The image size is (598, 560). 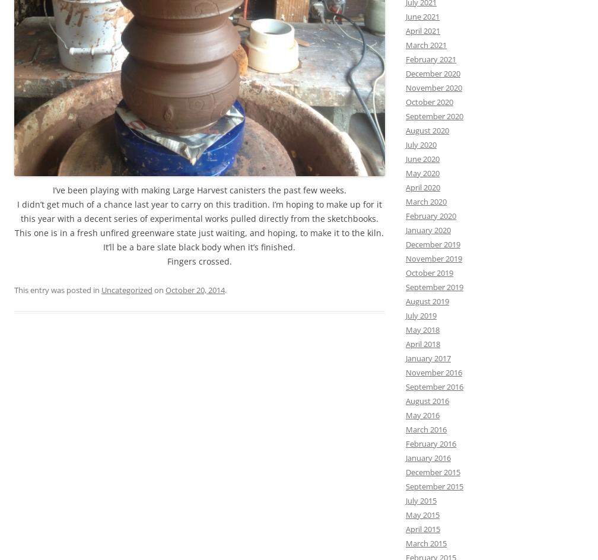 I want to click on 'February 2016', so click(x=431, y=443).